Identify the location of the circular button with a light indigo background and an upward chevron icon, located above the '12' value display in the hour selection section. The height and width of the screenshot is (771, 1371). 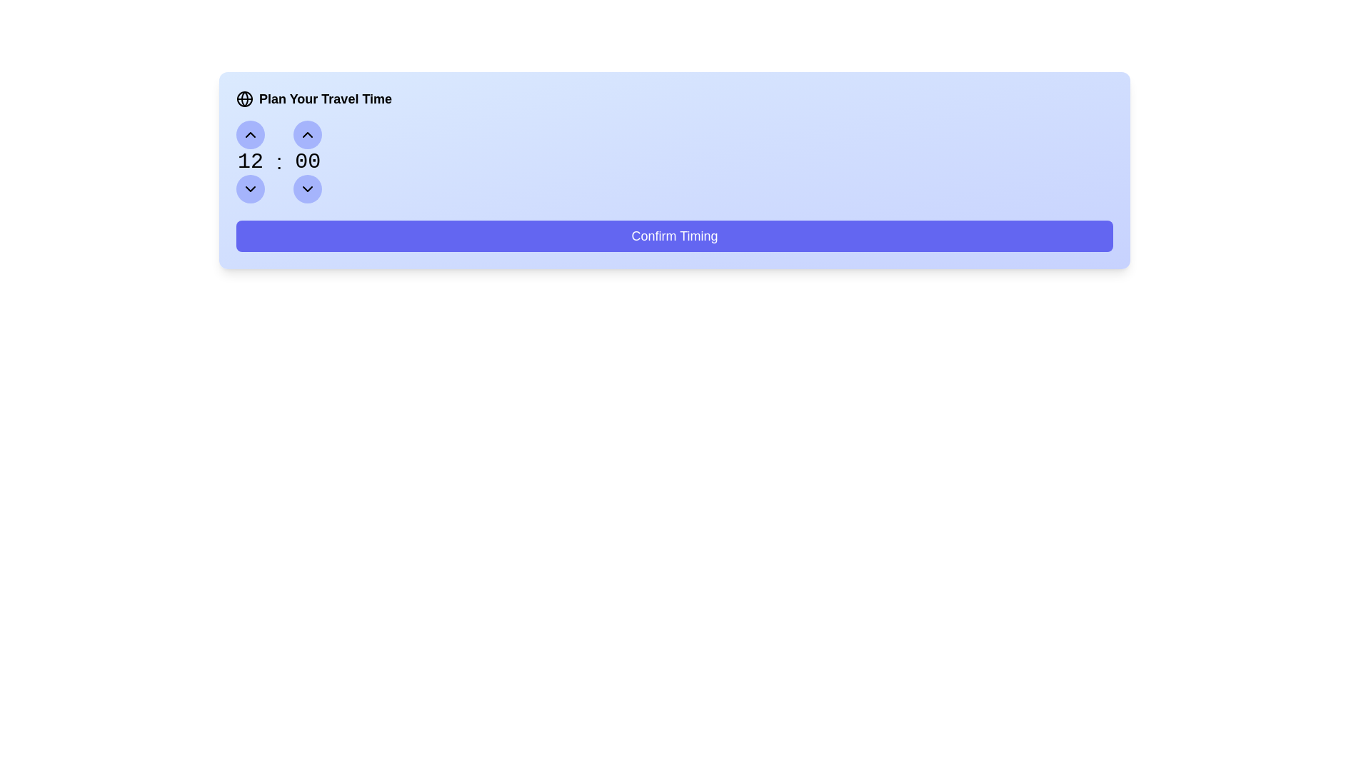
(250, 135).